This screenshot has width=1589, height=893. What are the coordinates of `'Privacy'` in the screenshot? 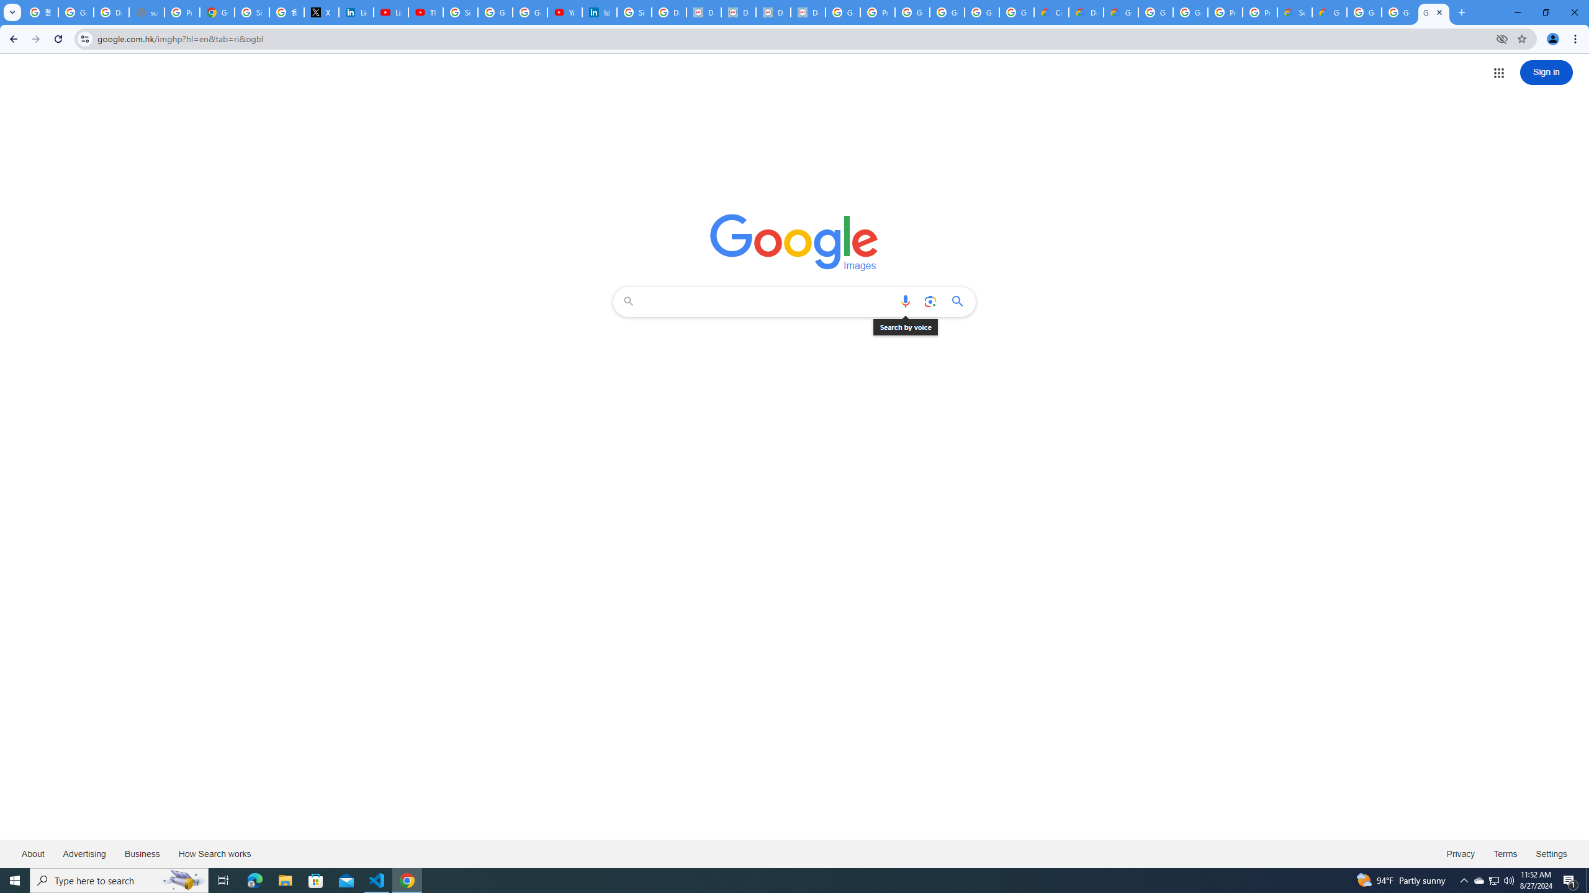 It's located at (1460, 853).